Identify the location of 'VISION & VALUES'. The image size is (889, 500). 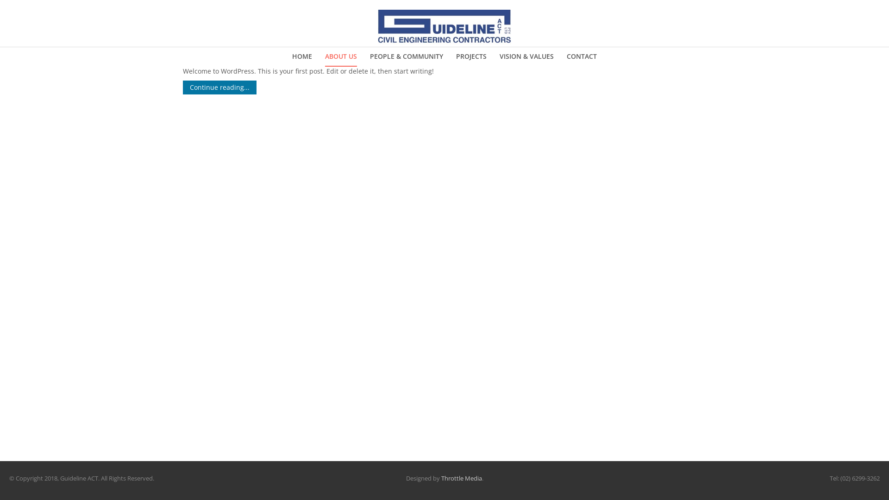
(499, 56).